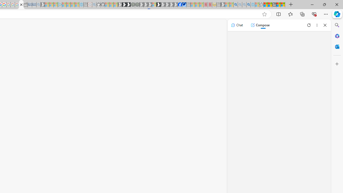 This screenshot has width=343, height=193. Describe the element at coordinates (218, 5) in the screenshot. I see `'New tab - Sleeping'` at that location.